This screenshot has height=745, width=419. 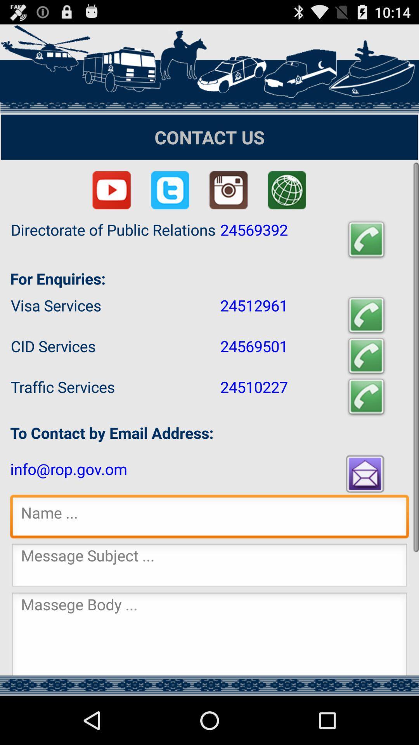 What do you see at coordinates (287, 190) in the screenshot?
I see `click browser` at bounding box center [287, 190].